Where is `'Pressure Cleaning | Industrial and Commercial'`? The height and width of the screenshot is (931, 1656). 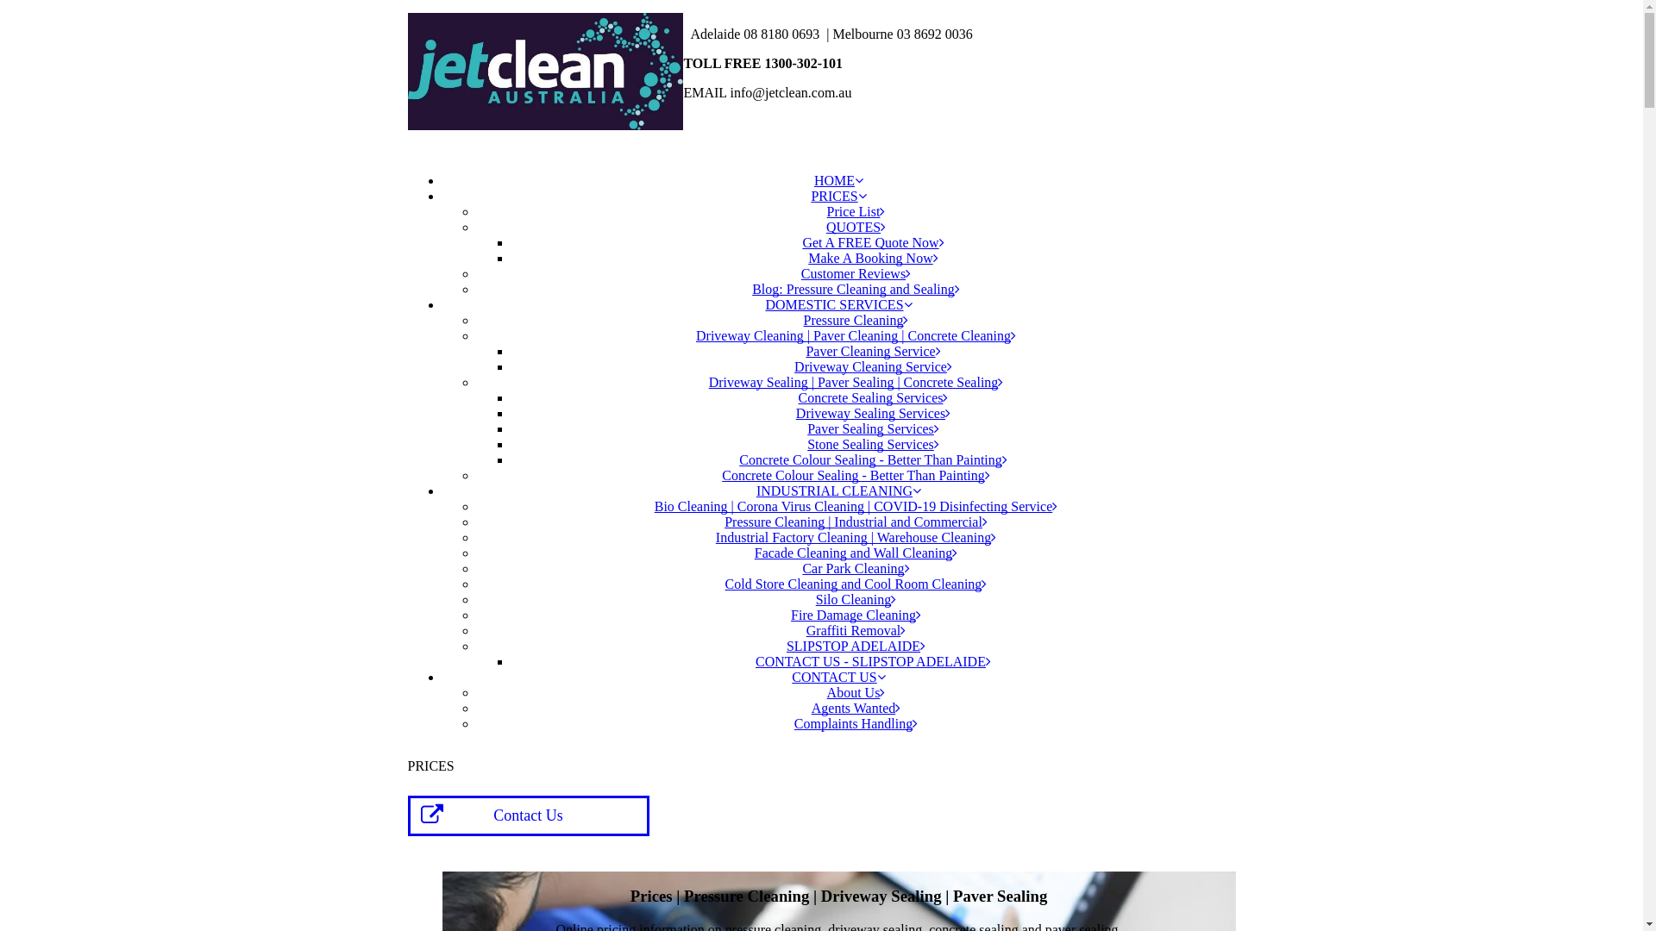
'Pressure Cleaning | Industrial and Commercial' is located at coordinates (856, 521).